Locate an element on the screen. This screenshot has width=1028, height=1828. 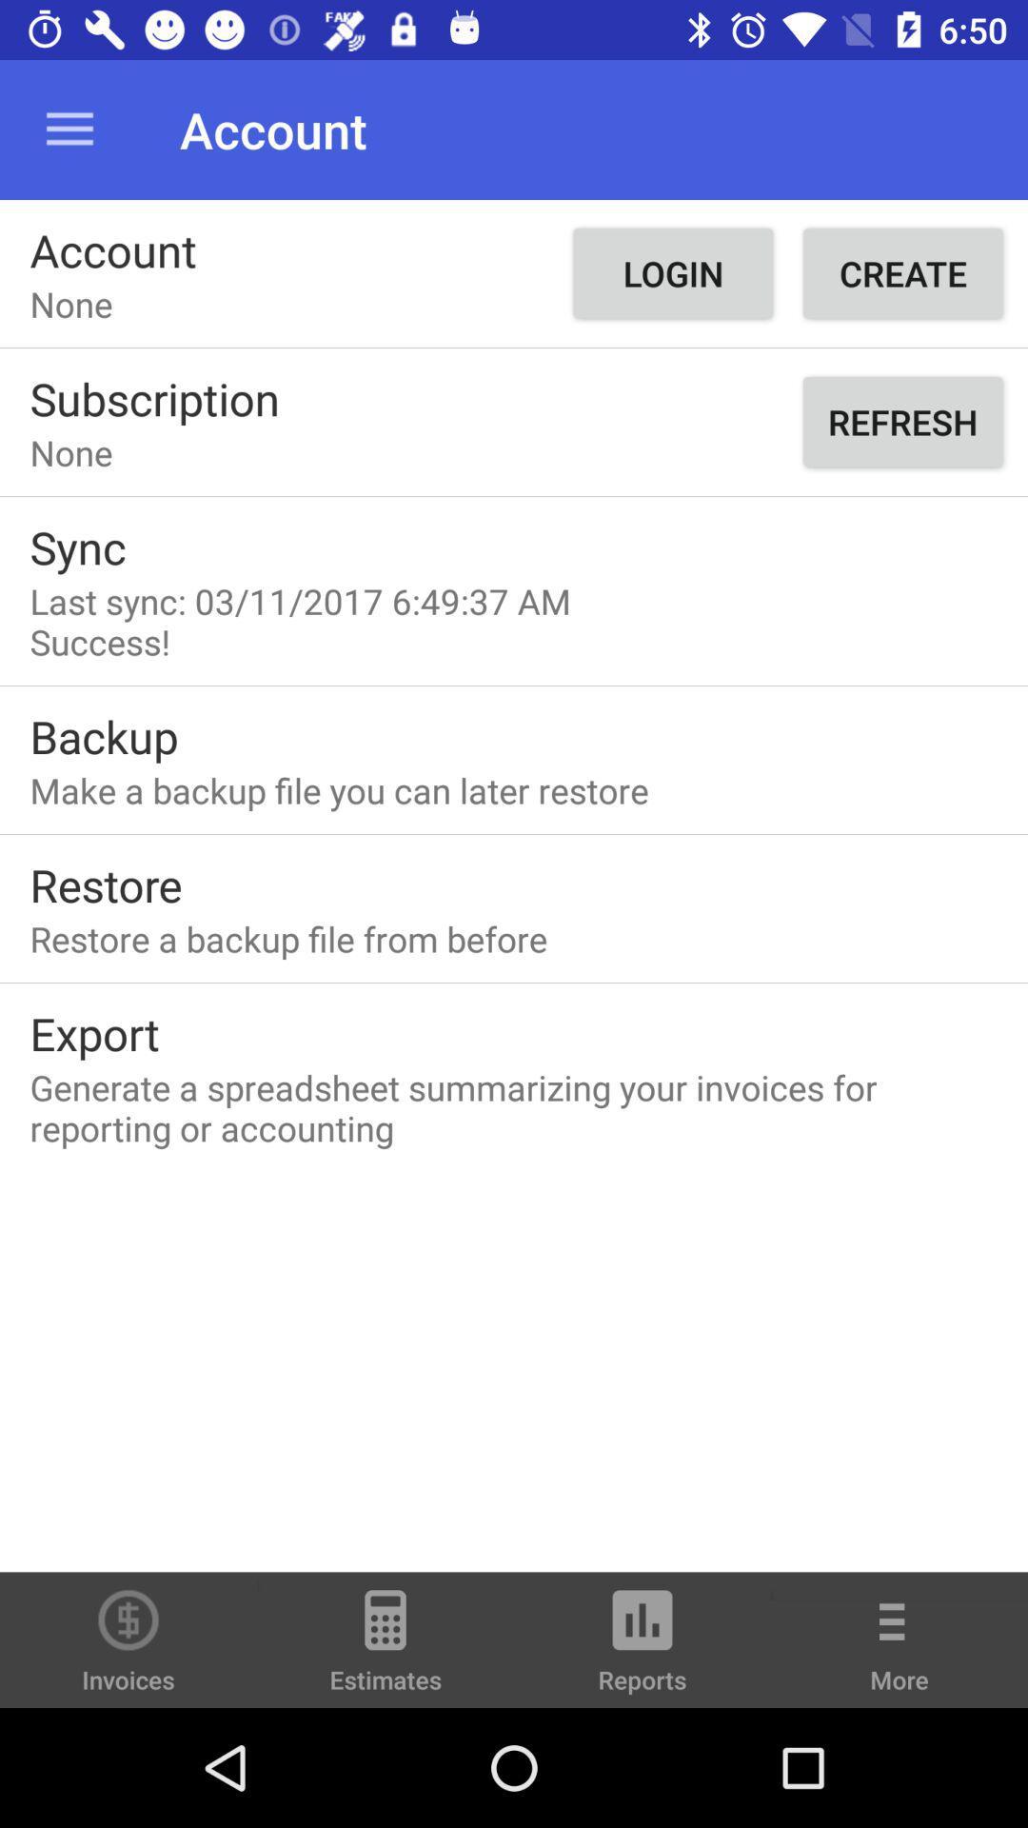
the item to the right of the invoices icon is located at coordinates (385, 1648).